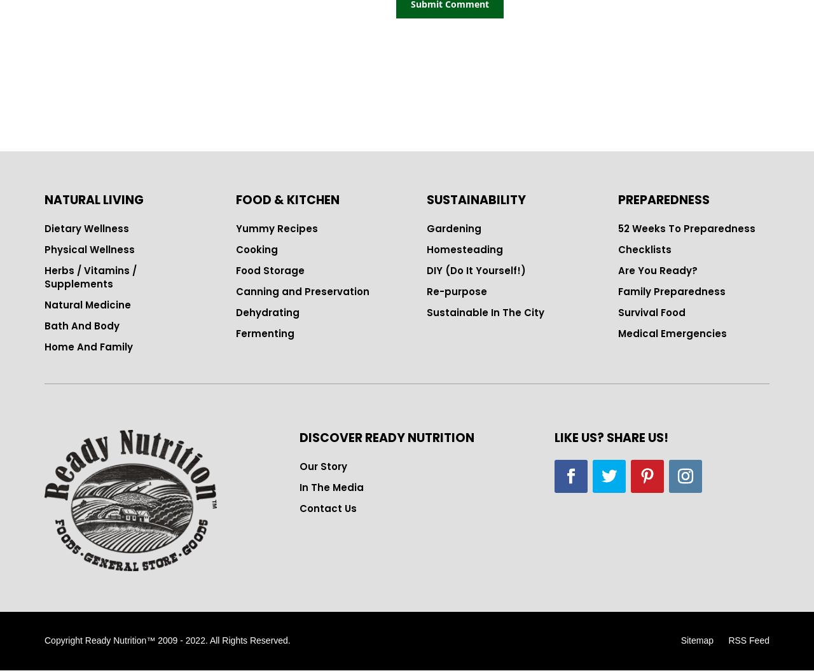 This screenshot has height=671, width=814. What do you see at coordinates (331, 487) in the screenshot?
I see `'In The Media'` at bounding box center [331, 487].